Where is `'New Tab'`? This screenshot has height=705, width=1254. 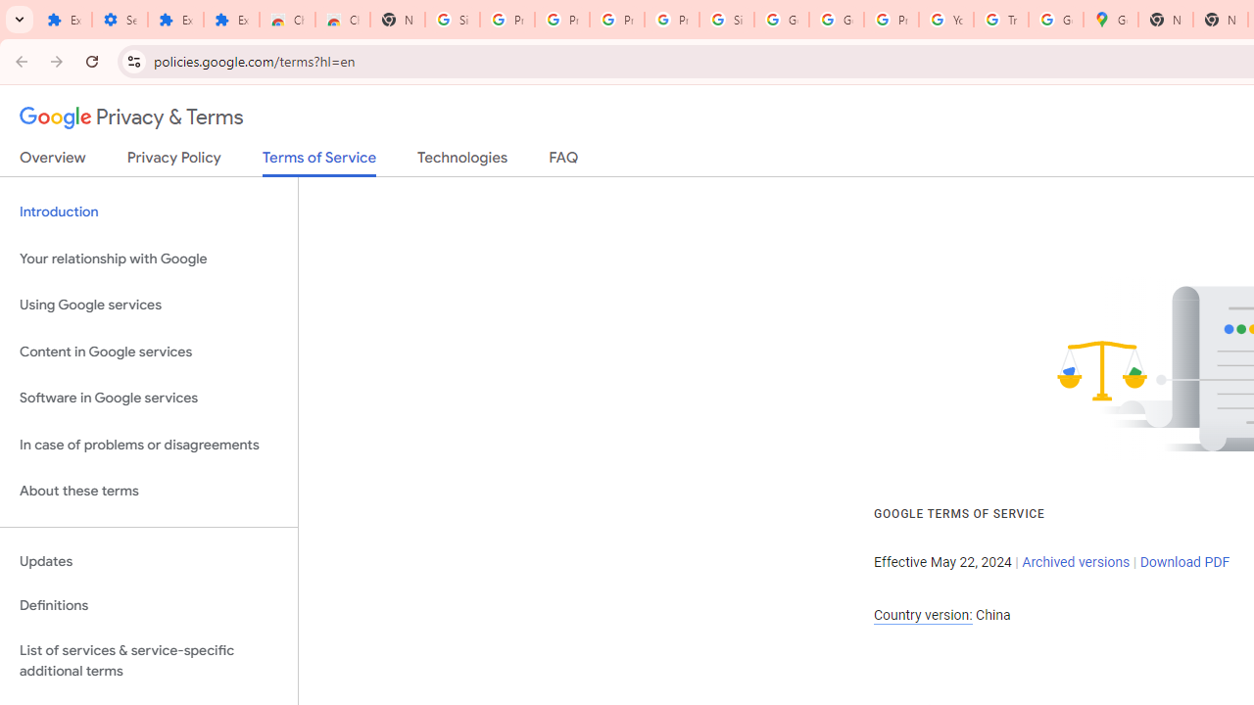
'New Tab' is located at coordinates (396, 20).